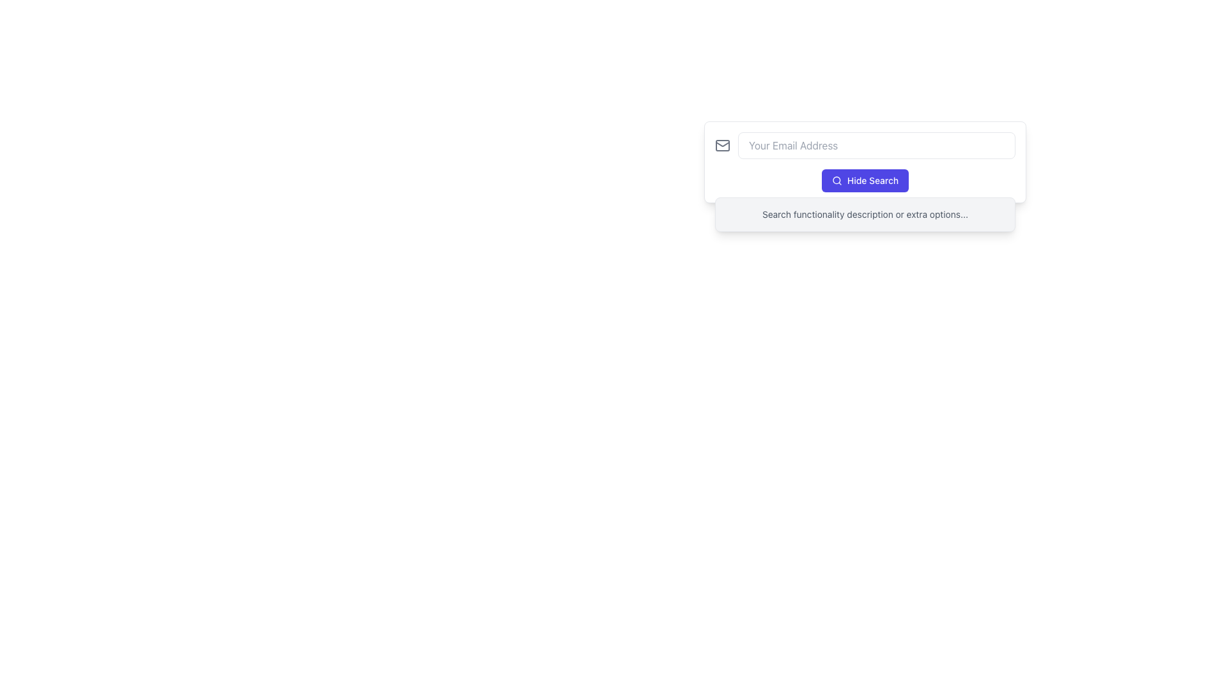 The width and height of the screenshot is (1227, 690). Describe the element at coordinates (723, 144) in the screenshot. I see `the SVG subcomponent of the email icon, which is a rectangular shape with rounded corners located to the left of the 'Your Email Address' text input box` at that location.